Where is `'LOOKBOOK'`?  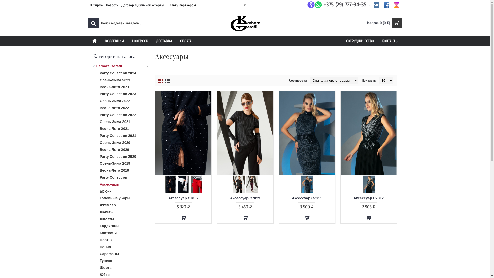
'LOOKBOOK' is located at coordinates (128, 41).